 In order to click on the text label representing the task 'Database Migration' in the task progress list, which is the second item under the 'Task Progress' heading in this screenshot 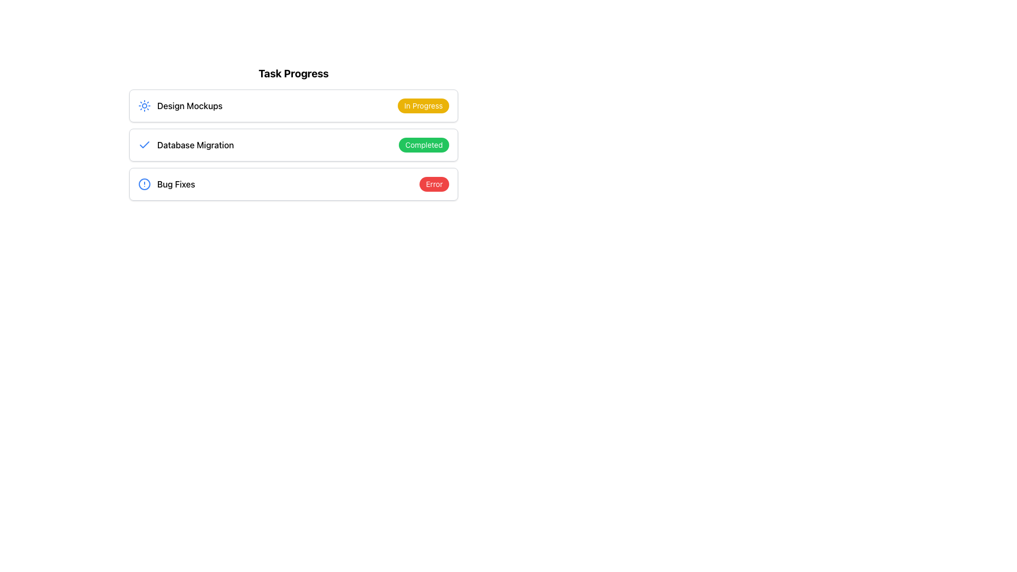, I will do `click(186, 145)`.